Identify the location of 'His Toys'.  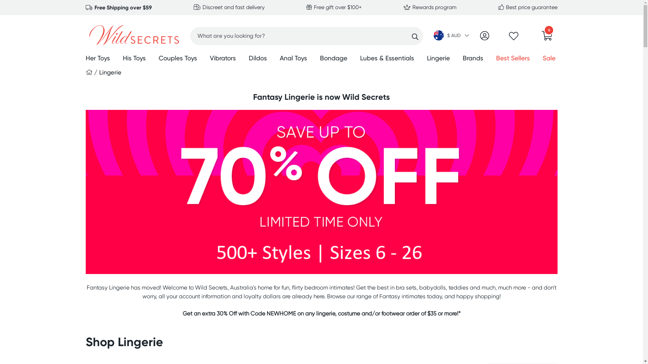
(134, 58).